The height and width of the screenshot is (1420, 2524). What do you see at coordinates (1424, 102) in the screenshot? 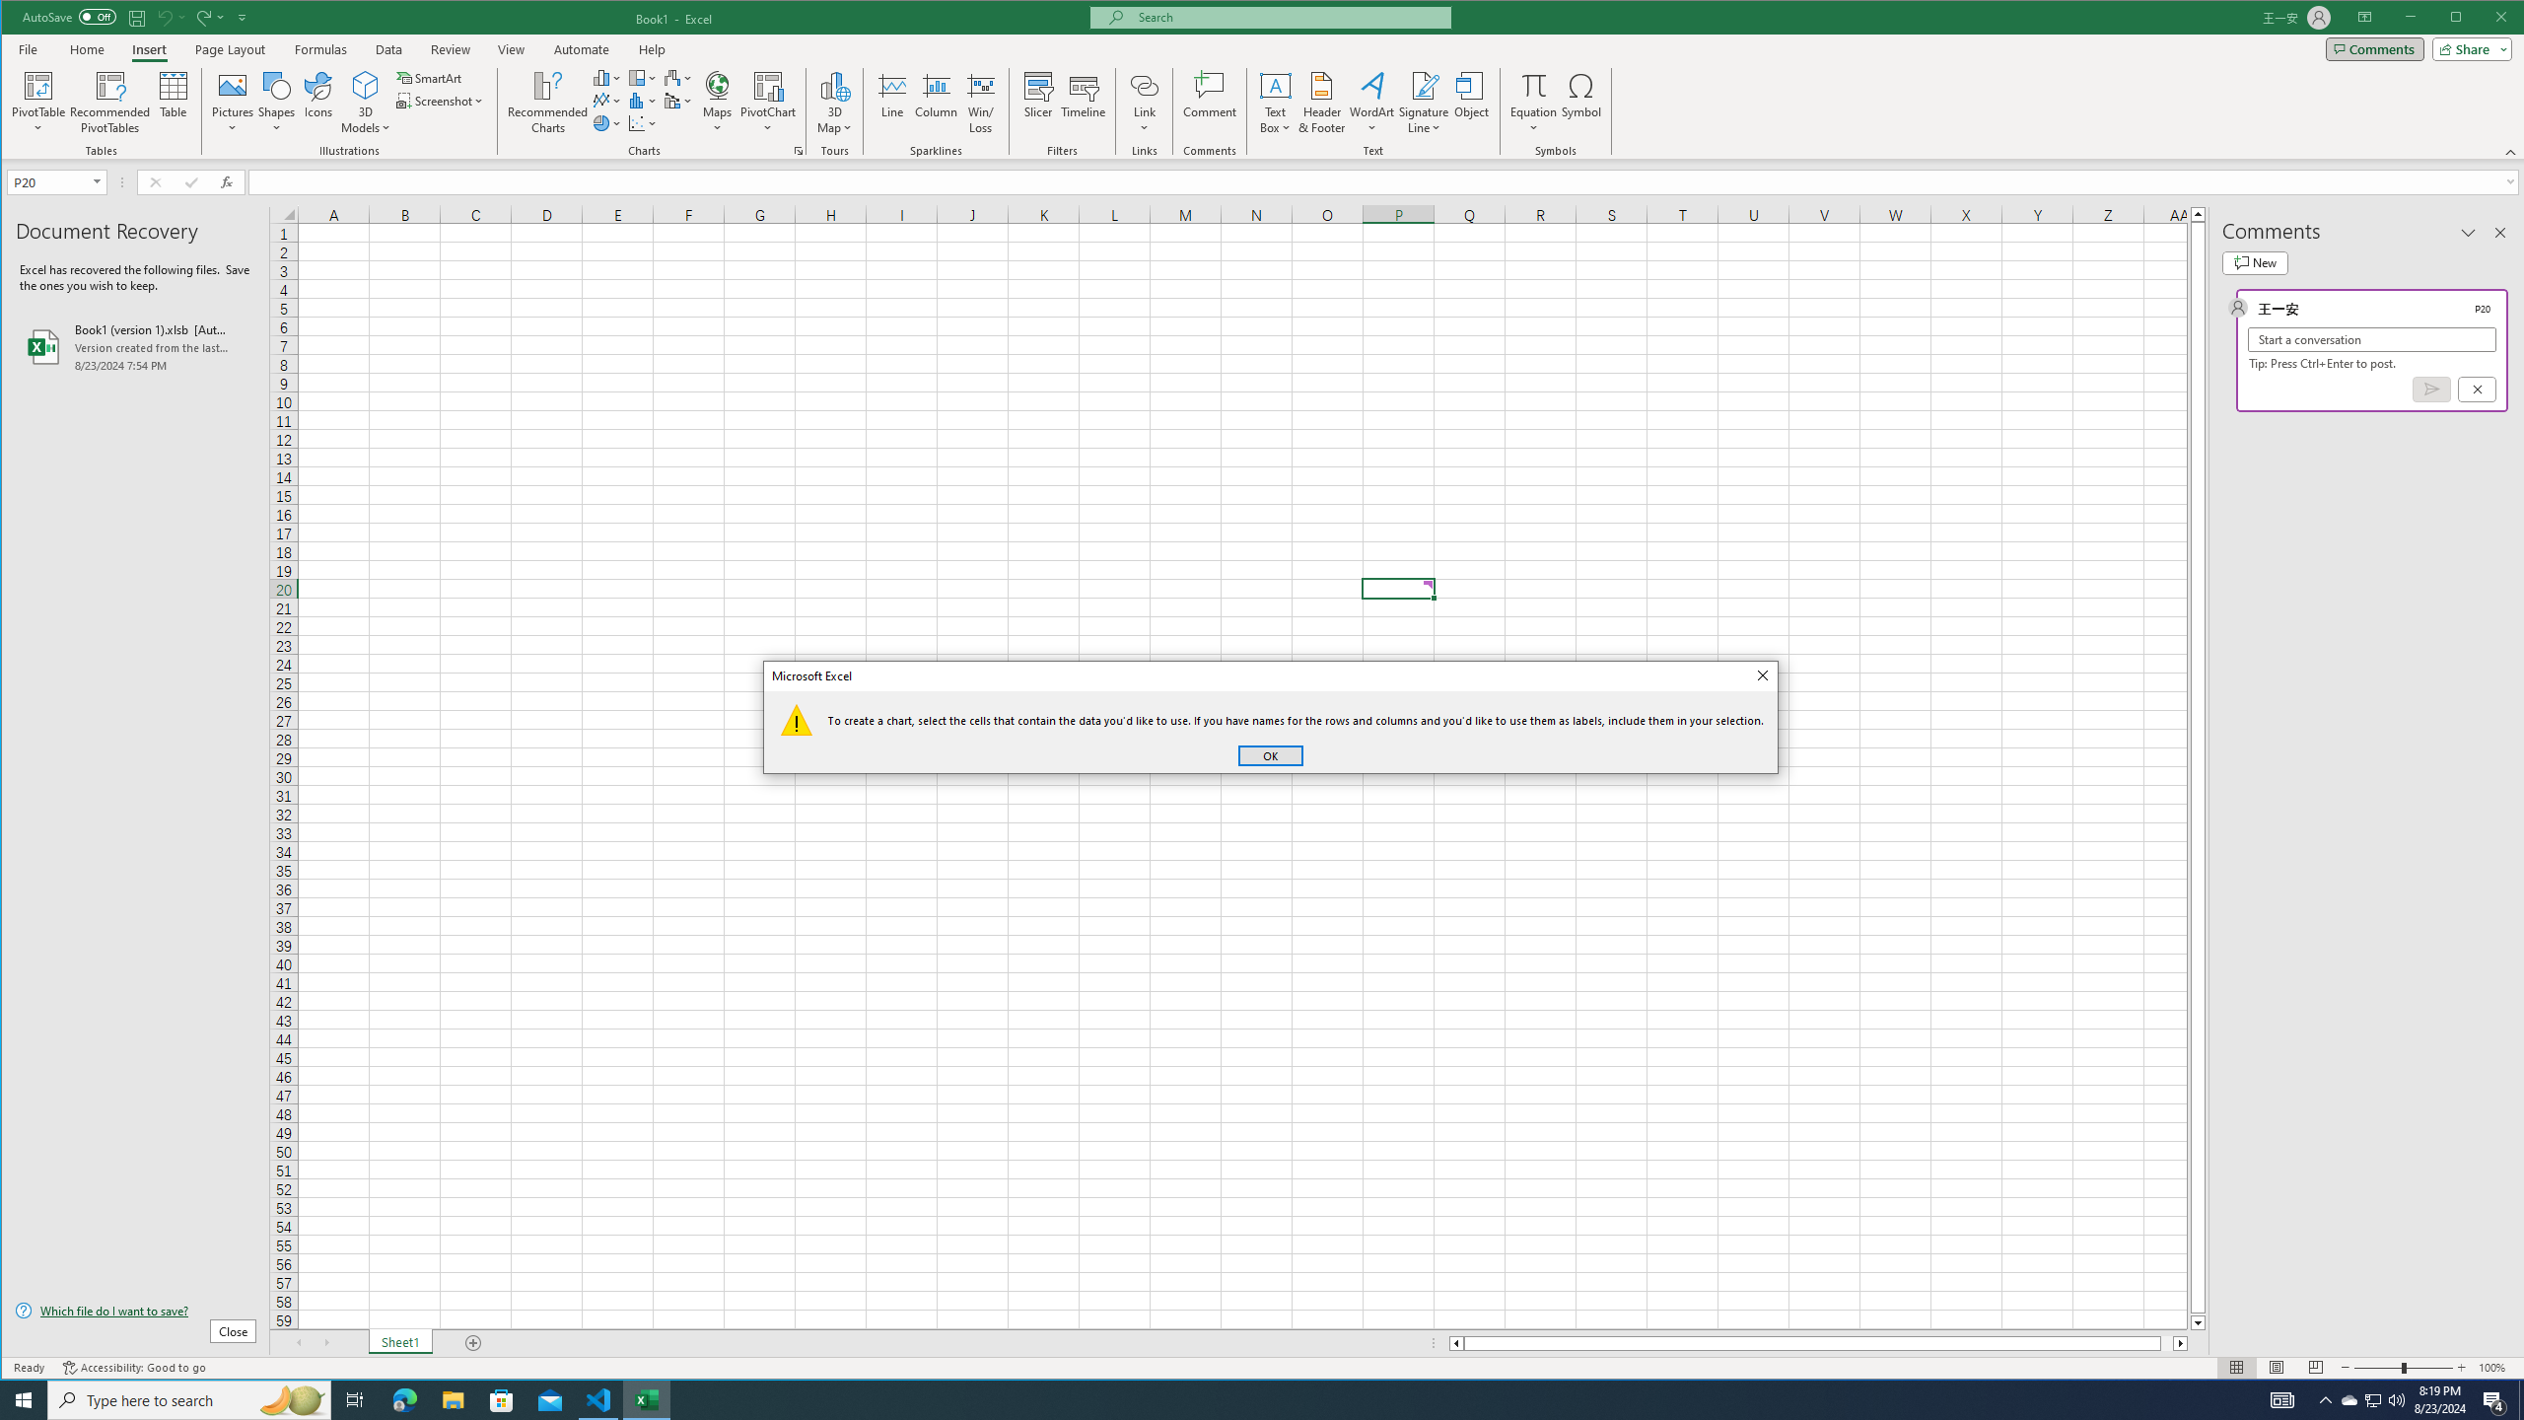
I see `'Signature Line'` at bounding box center [1424, 102].